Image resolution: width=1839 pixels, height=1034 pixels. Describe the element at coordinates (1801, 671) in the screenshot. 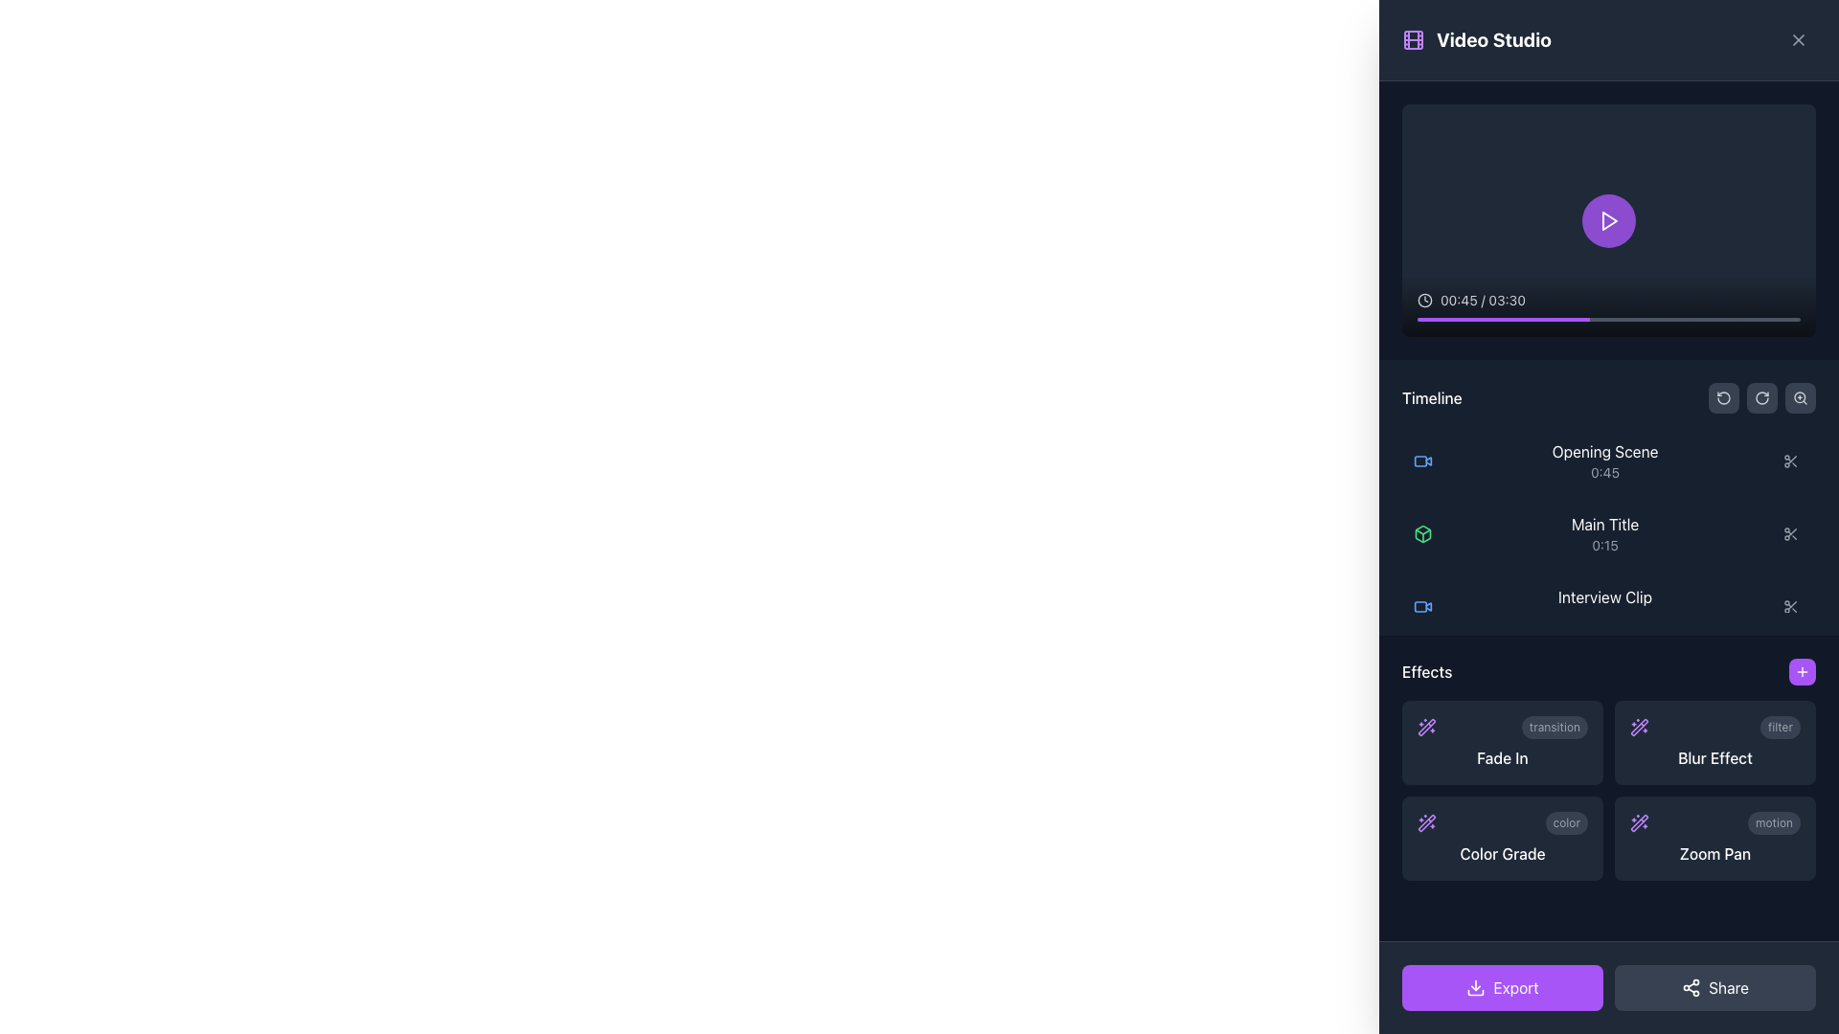

I see `the button located in the 'Effects' section, positioned to the right of the 'Effects' heading` at that location.